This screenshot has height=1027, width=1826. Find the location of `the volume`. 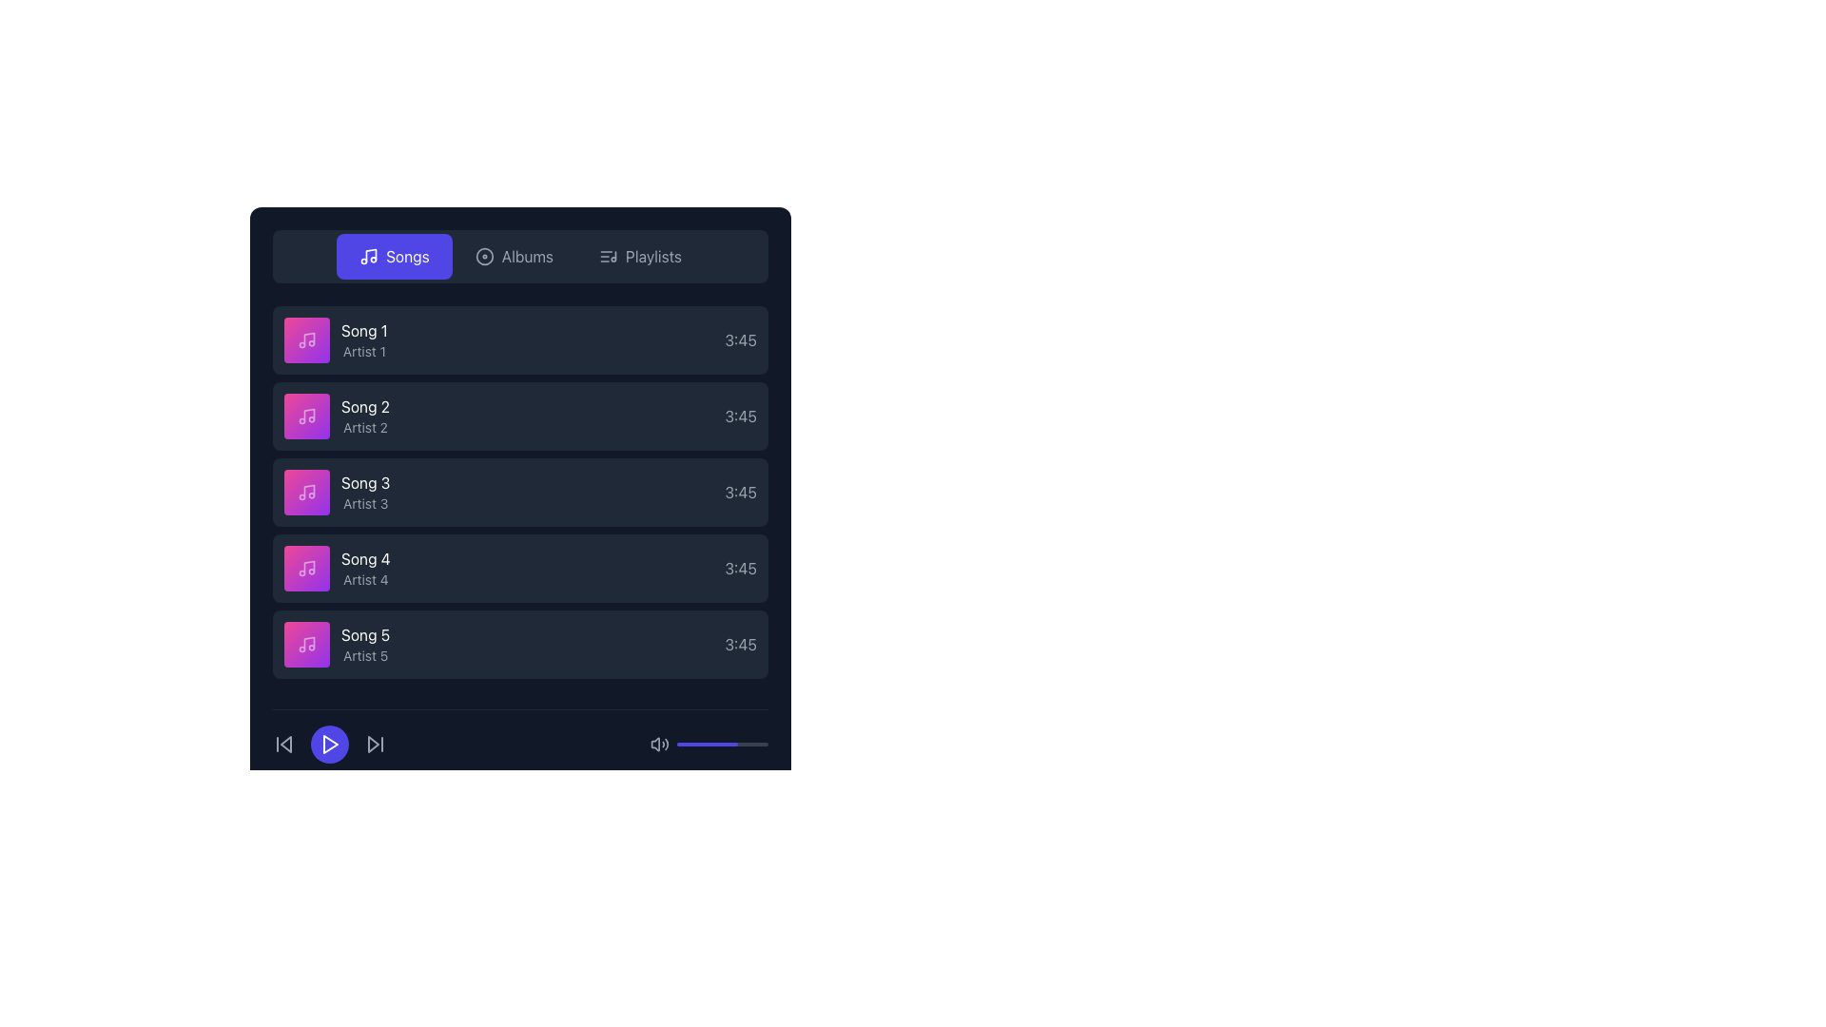

the volume is located at coordinates (735, 744).